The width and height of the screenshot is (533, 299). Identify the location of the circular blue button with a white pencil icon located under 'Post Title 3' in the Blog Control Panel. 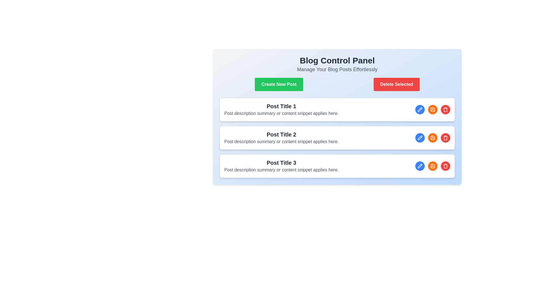
(420, 137).